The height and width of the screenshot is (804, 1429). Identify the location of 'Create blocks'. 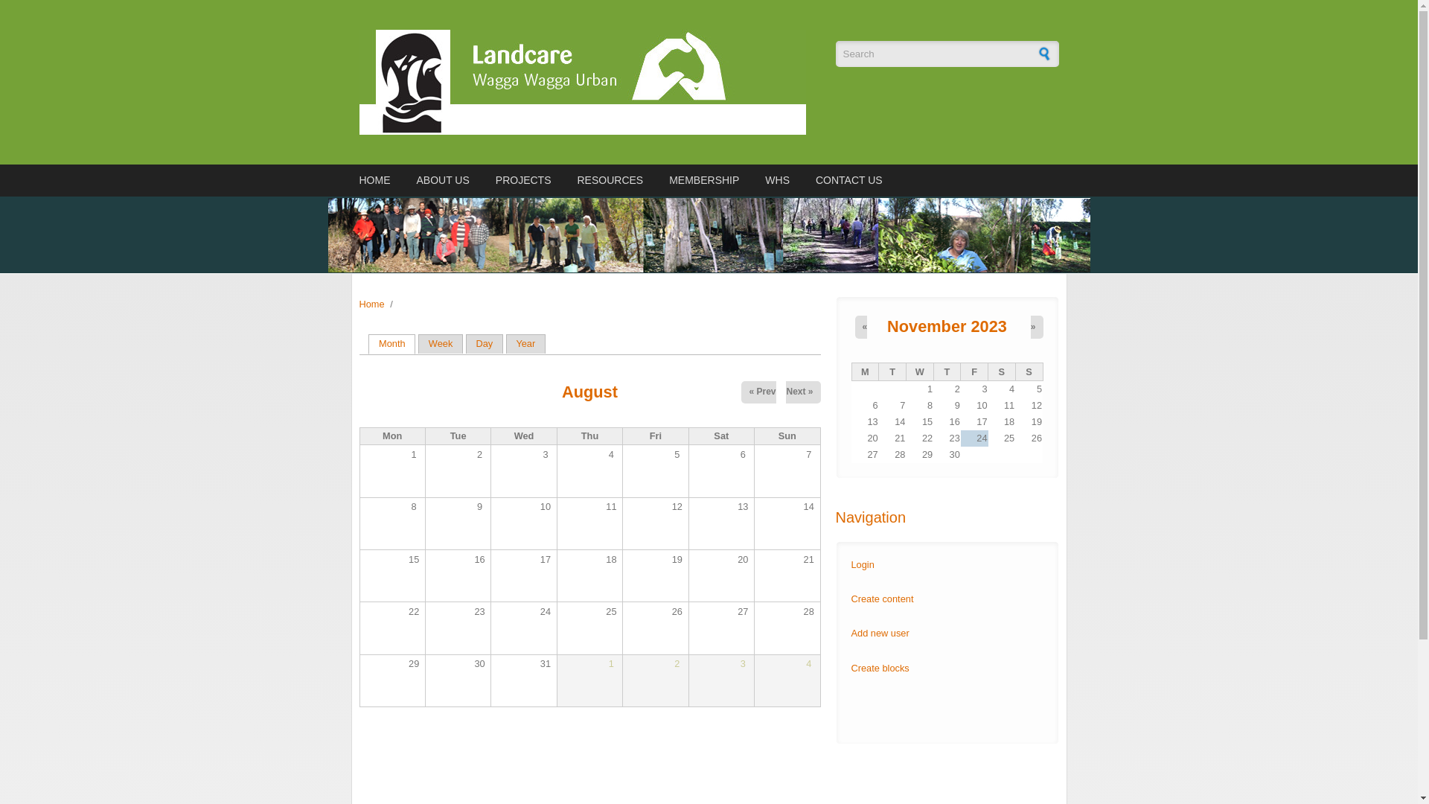
(851, 667).